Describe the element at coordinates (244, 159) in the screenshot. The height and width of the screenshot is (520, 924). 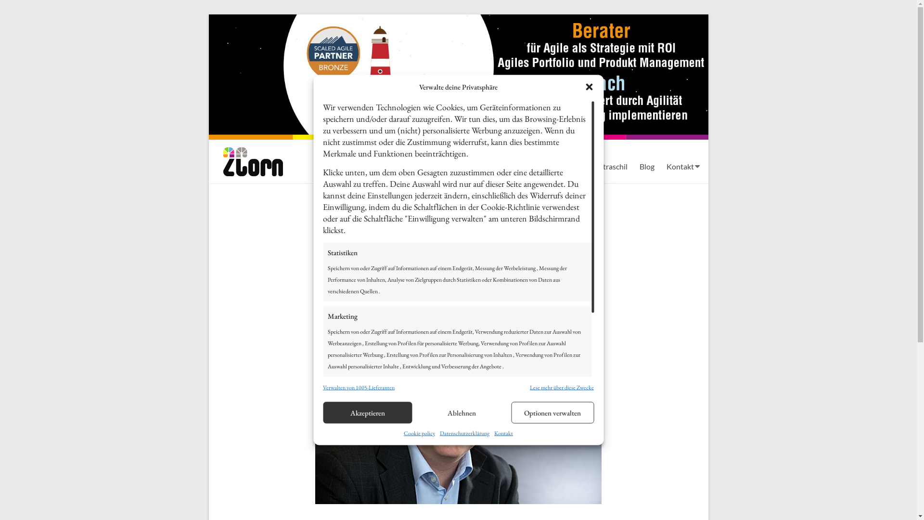
I see `'2Corn'` at that location.